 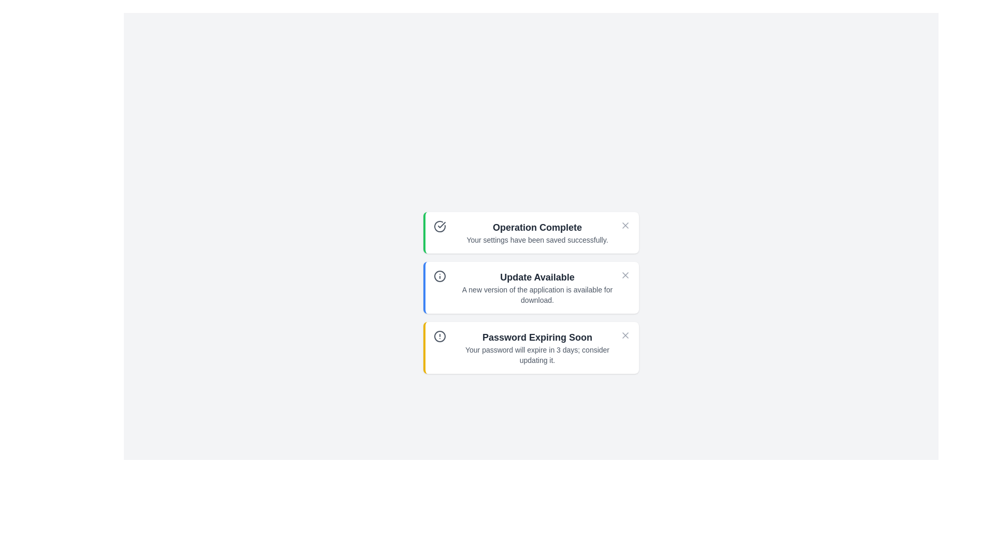 What do you see at coordinates (537, 338) in the screenshot?
I see `title text label of the third notification about password expiration, which is located at the top of the notification box` at bounding box center [537, 338].